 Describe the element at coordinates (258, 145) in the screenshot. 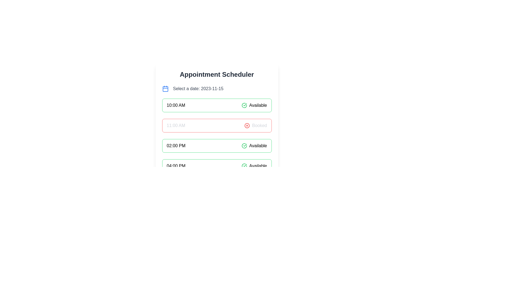

I see `the text label displaying 'Available', which is located to the right of a green check icon and aligned with the '02:00 PM' time slot in the appointment scheduler interface` at that location.